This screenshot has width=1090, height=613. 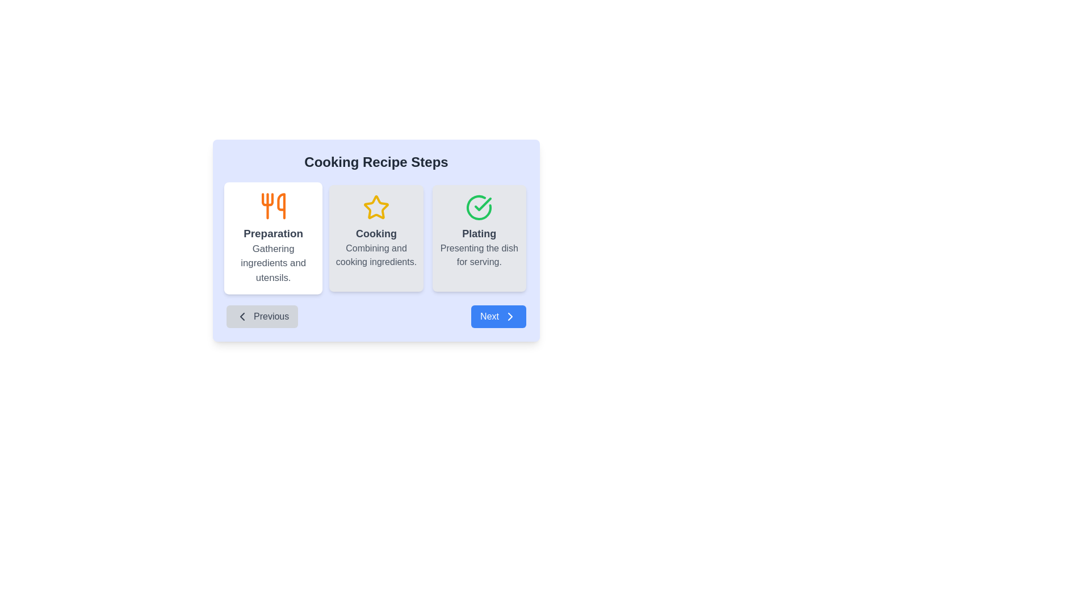 I want to click on text label that says 'Combining and cooking ingredients.' located beneath the heading 'Cooking' in the second panel of a horizontally arranged group of panels, so click(x=376, y=255).